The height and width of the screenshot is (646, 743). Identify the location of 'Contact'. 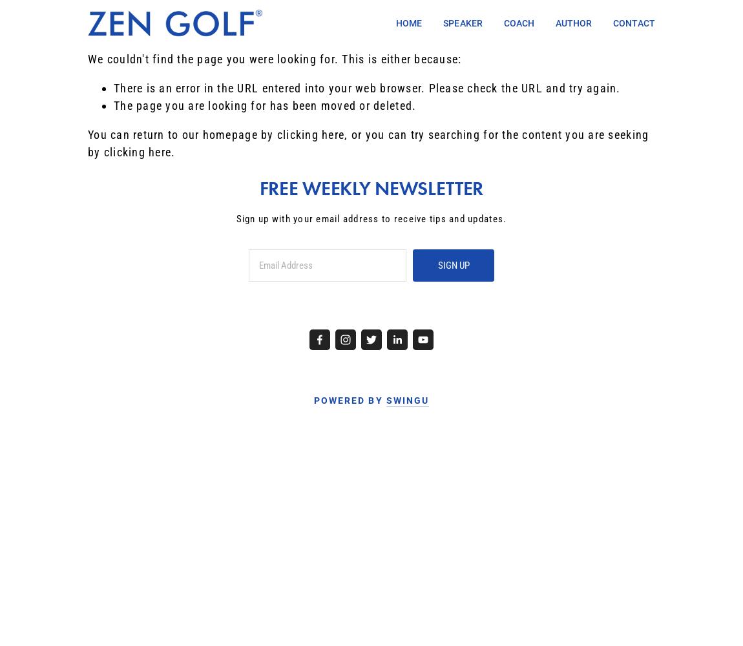
(634, 23).